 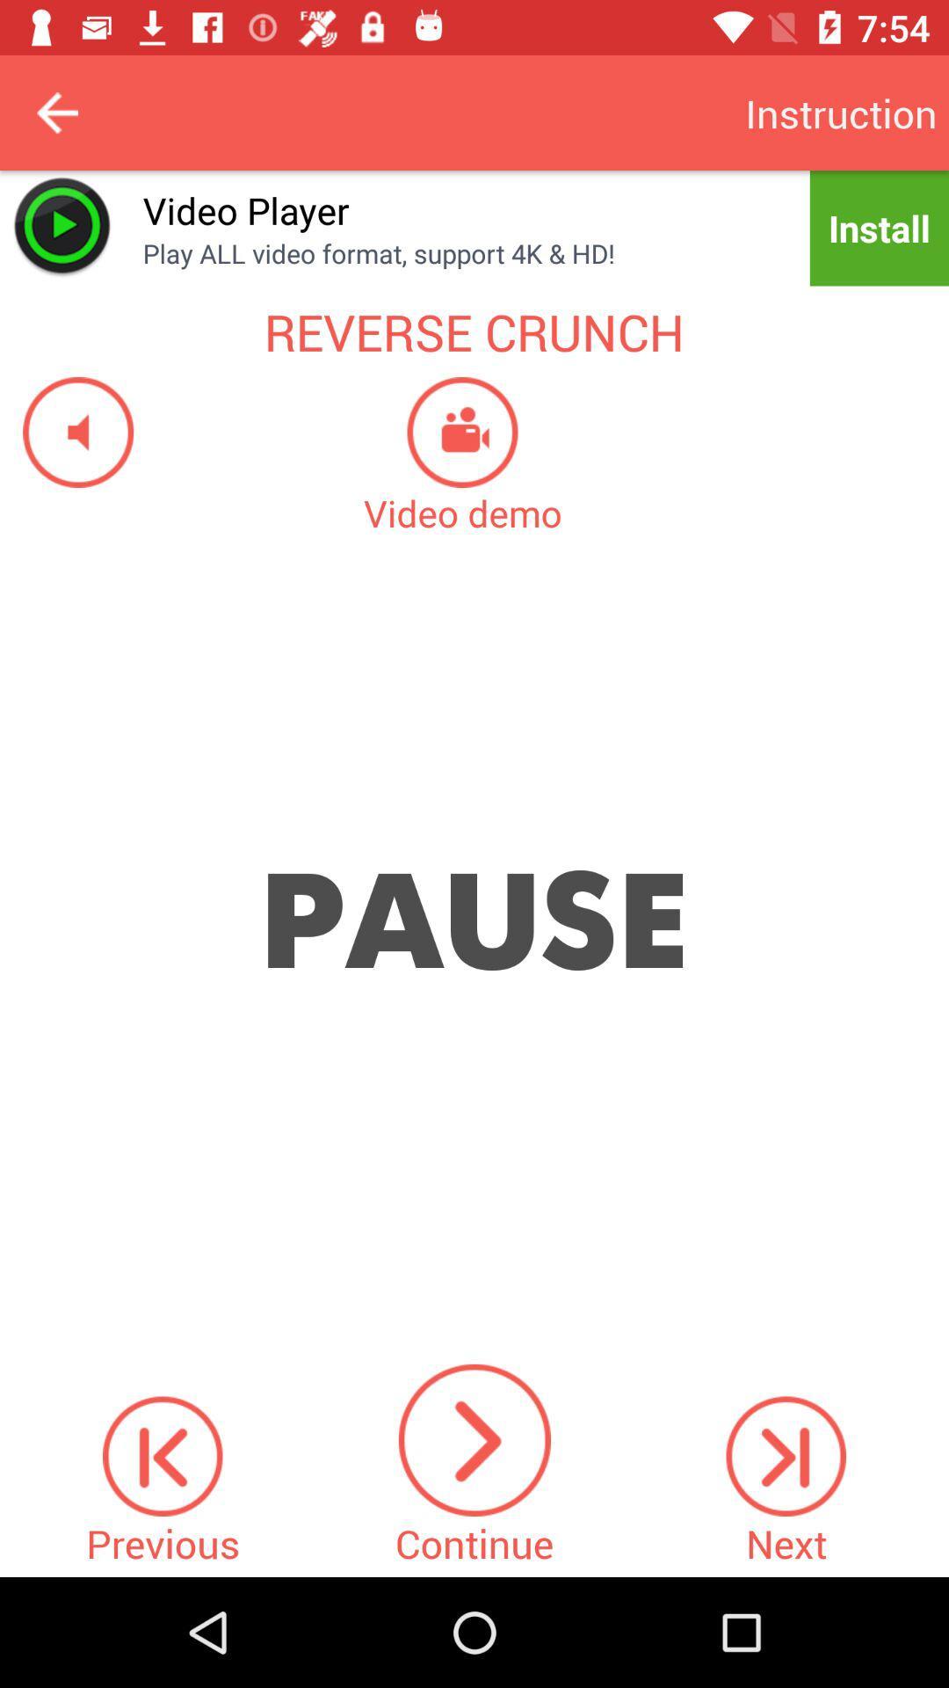 I want to click on adjust sound, so click(x=66, y=432).